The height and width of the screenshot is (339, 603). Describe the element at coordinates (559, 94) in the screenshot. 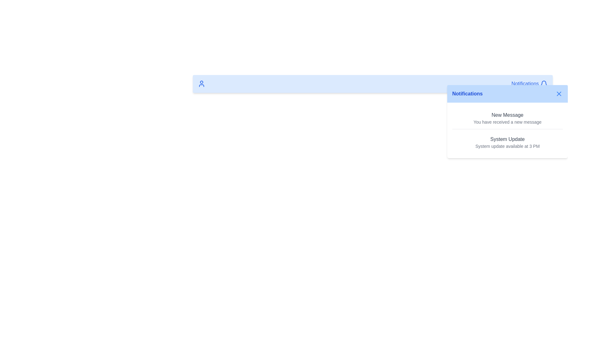

I see `the blue cross-shaped icon in the top-right corner of the 'Notifications' header bar` at that location.